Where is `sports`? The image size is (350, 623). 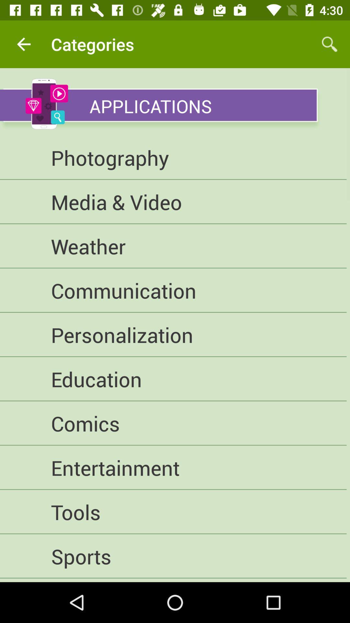 sports is located at coordinates (173, 556).